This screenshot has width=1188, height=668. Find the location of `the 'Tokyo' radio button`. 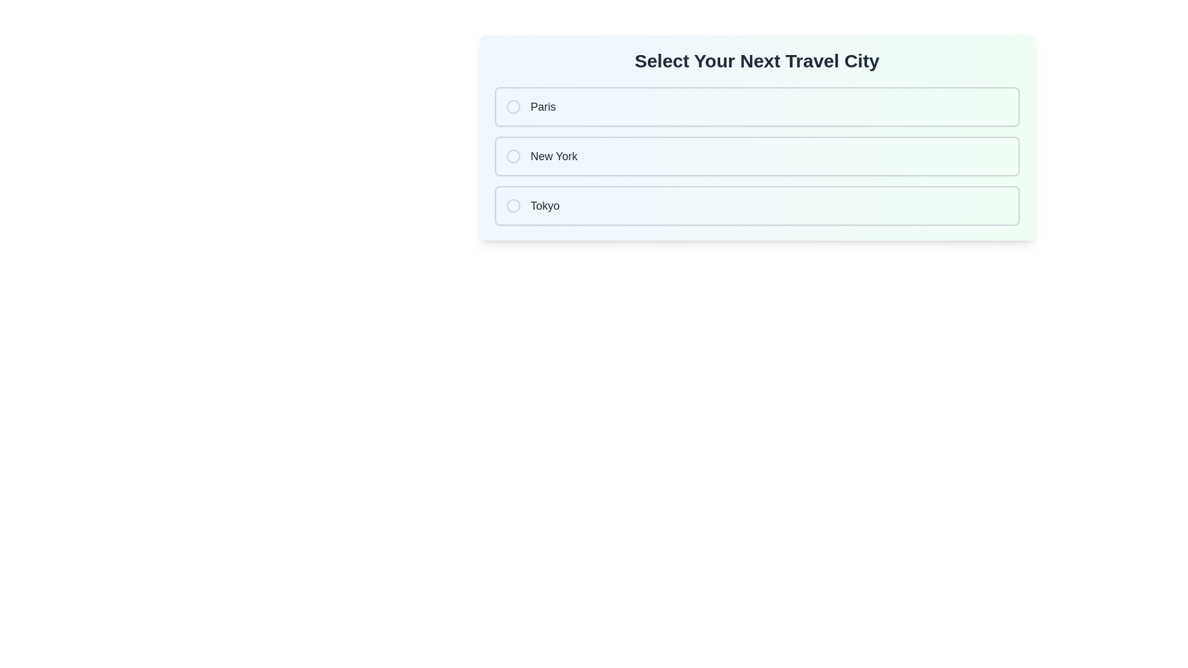

the 'Tokyo' radio button is located at coordinates (756, 205).